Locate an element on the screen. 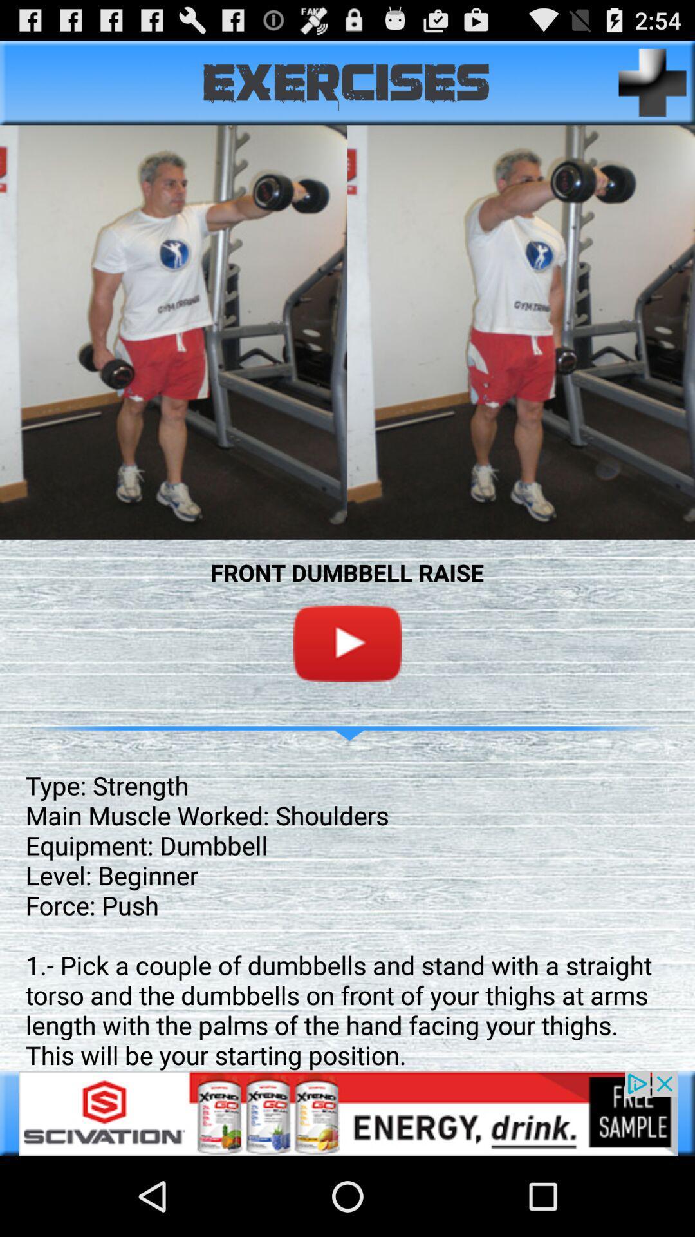  the add icon is located at coordinates (653, 88).